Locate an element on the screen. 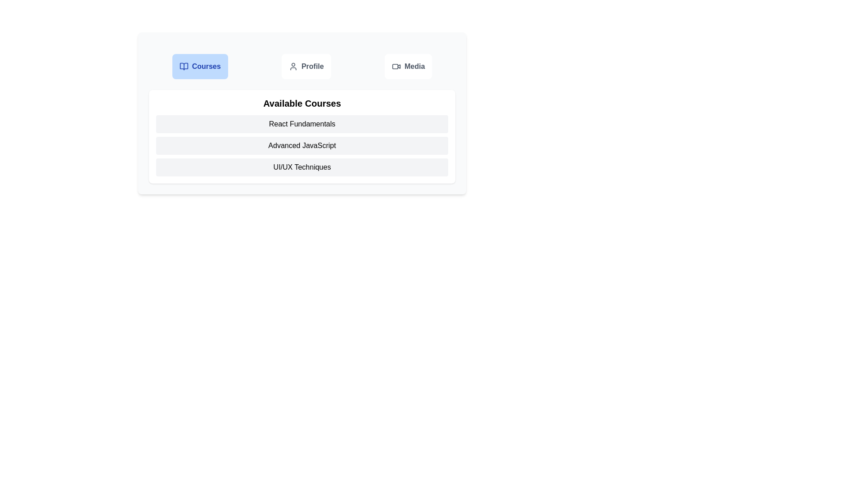 The width and height of the screenshot is (864, 486). the 'Courses' icon located to the left of the 'Courses' button in the top navigation bar is located at coordinates (183, 66).